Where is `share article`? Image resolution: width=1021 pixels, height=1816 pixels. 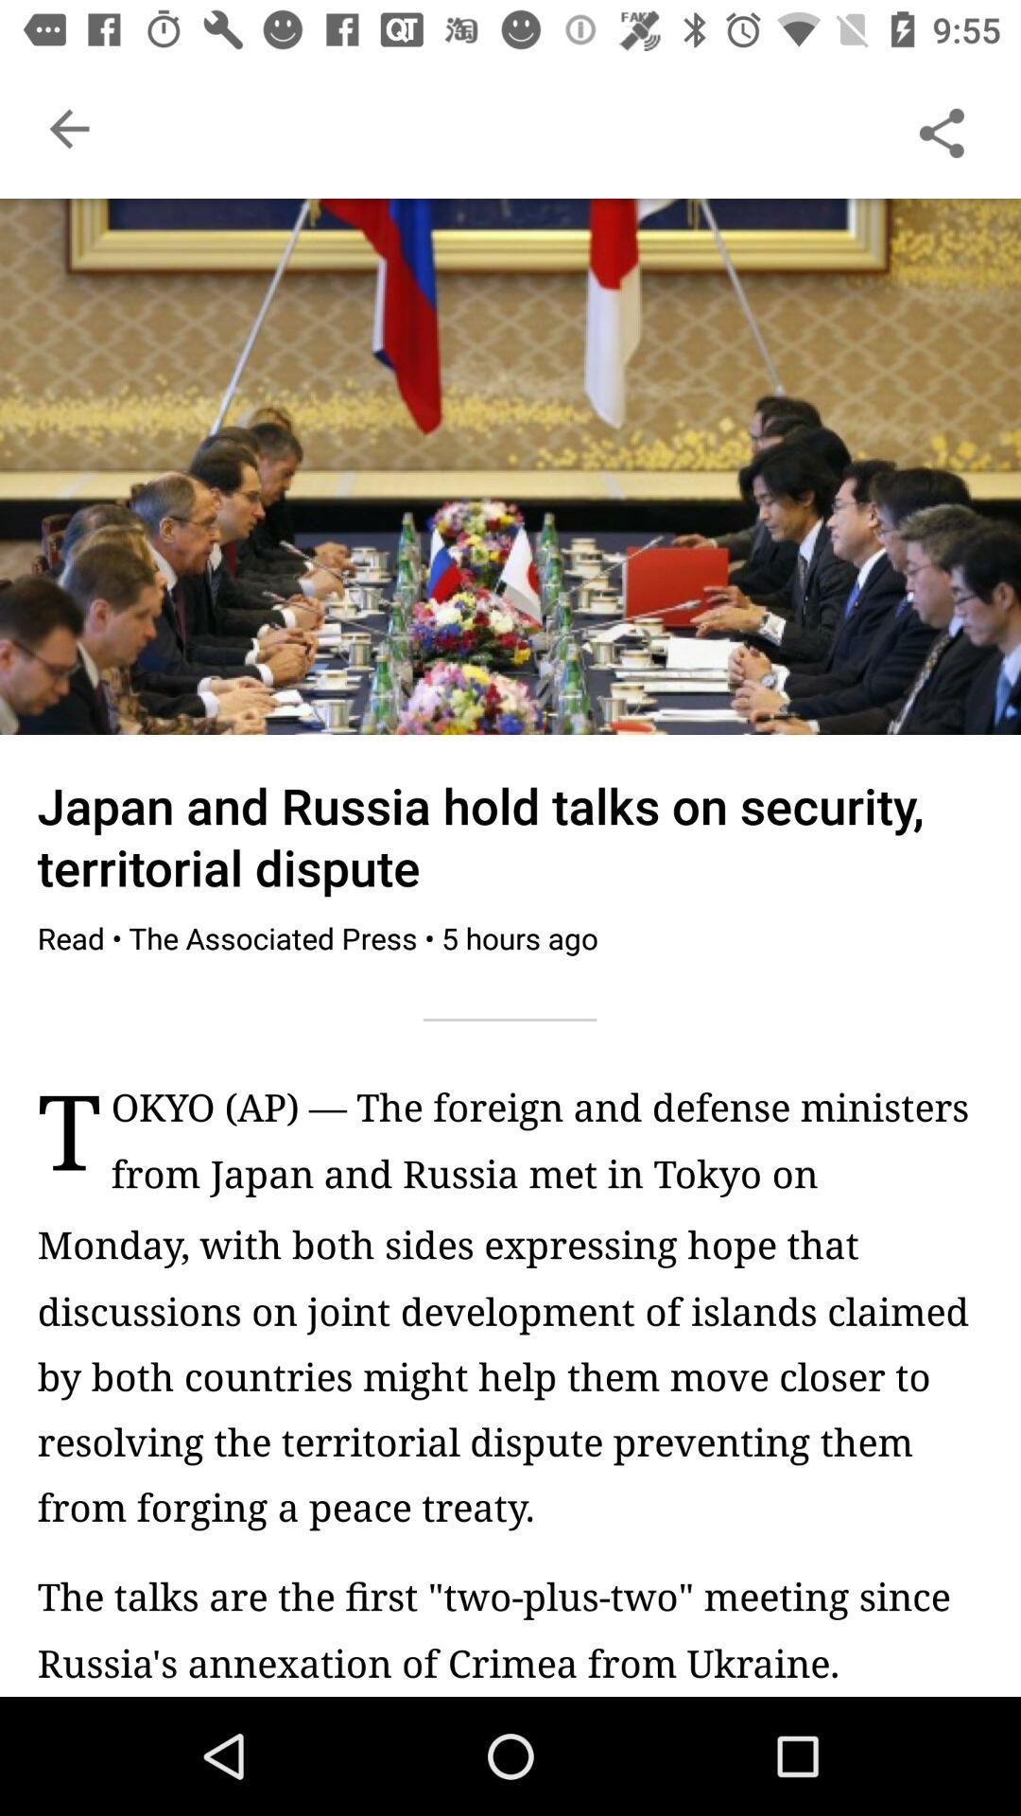
share article is located at coordinates (941, 128).